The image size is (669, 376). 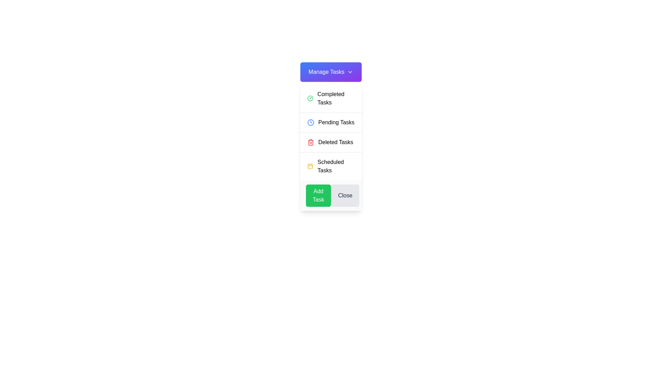 I want to click on the 'Completed Tasks' menu item, which is the first entry in the vertical list menu located below the 'Manage Tasks' section, so click(x=331, y=98).